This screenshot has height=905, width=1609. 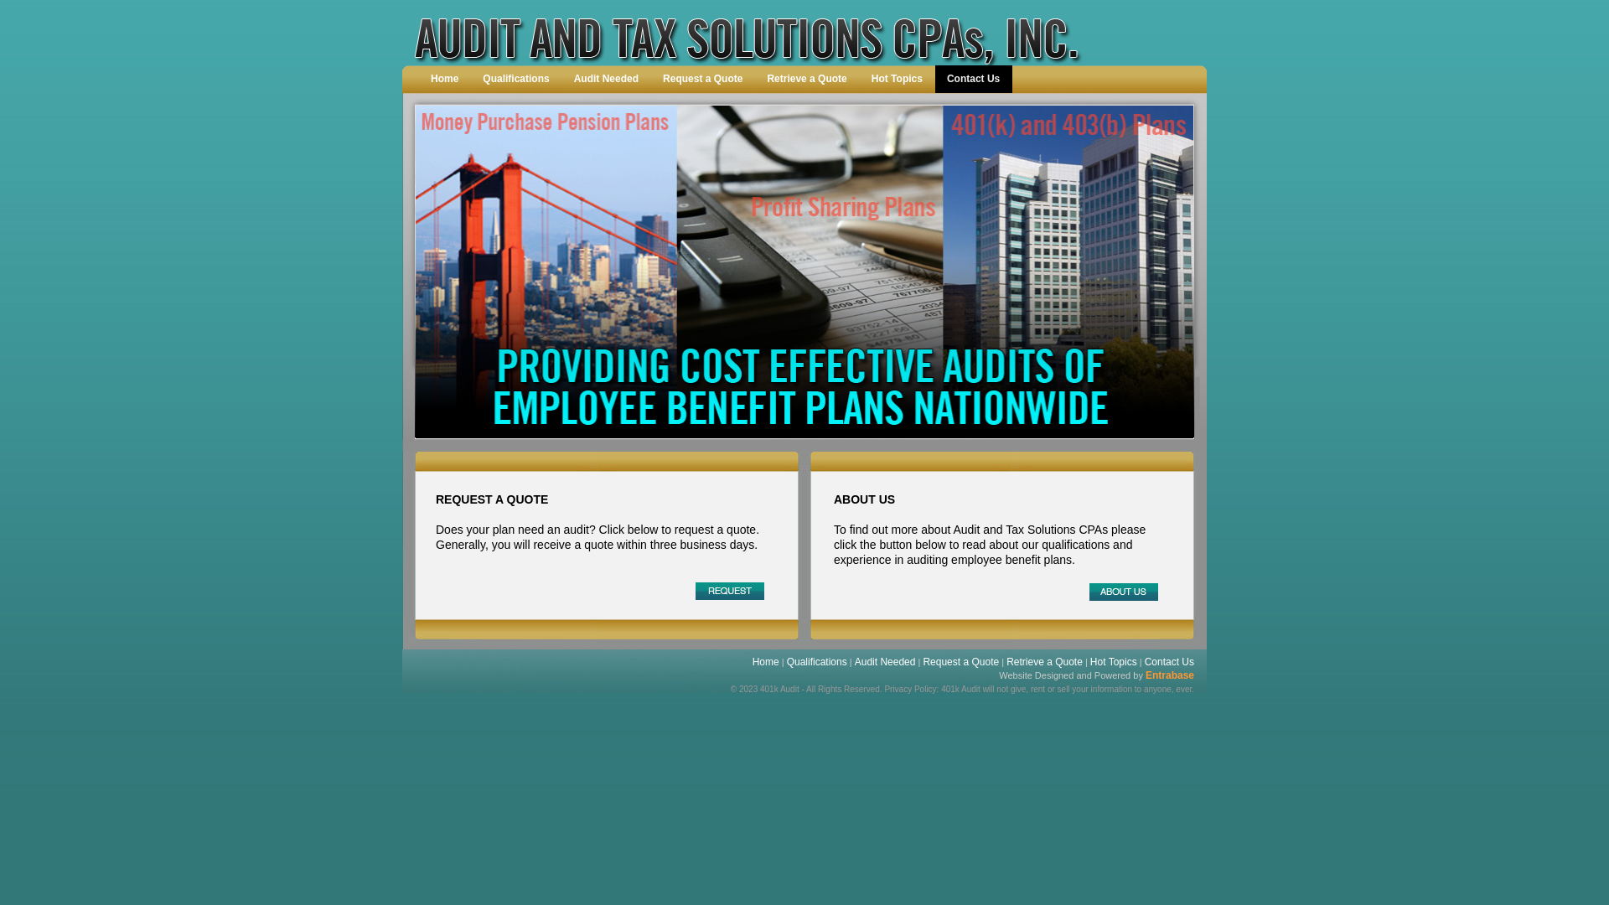 What do you see at coordinates (703, 79) in the screenshot?
I see `'Request a Quote'` at bounding box center [703, 79].